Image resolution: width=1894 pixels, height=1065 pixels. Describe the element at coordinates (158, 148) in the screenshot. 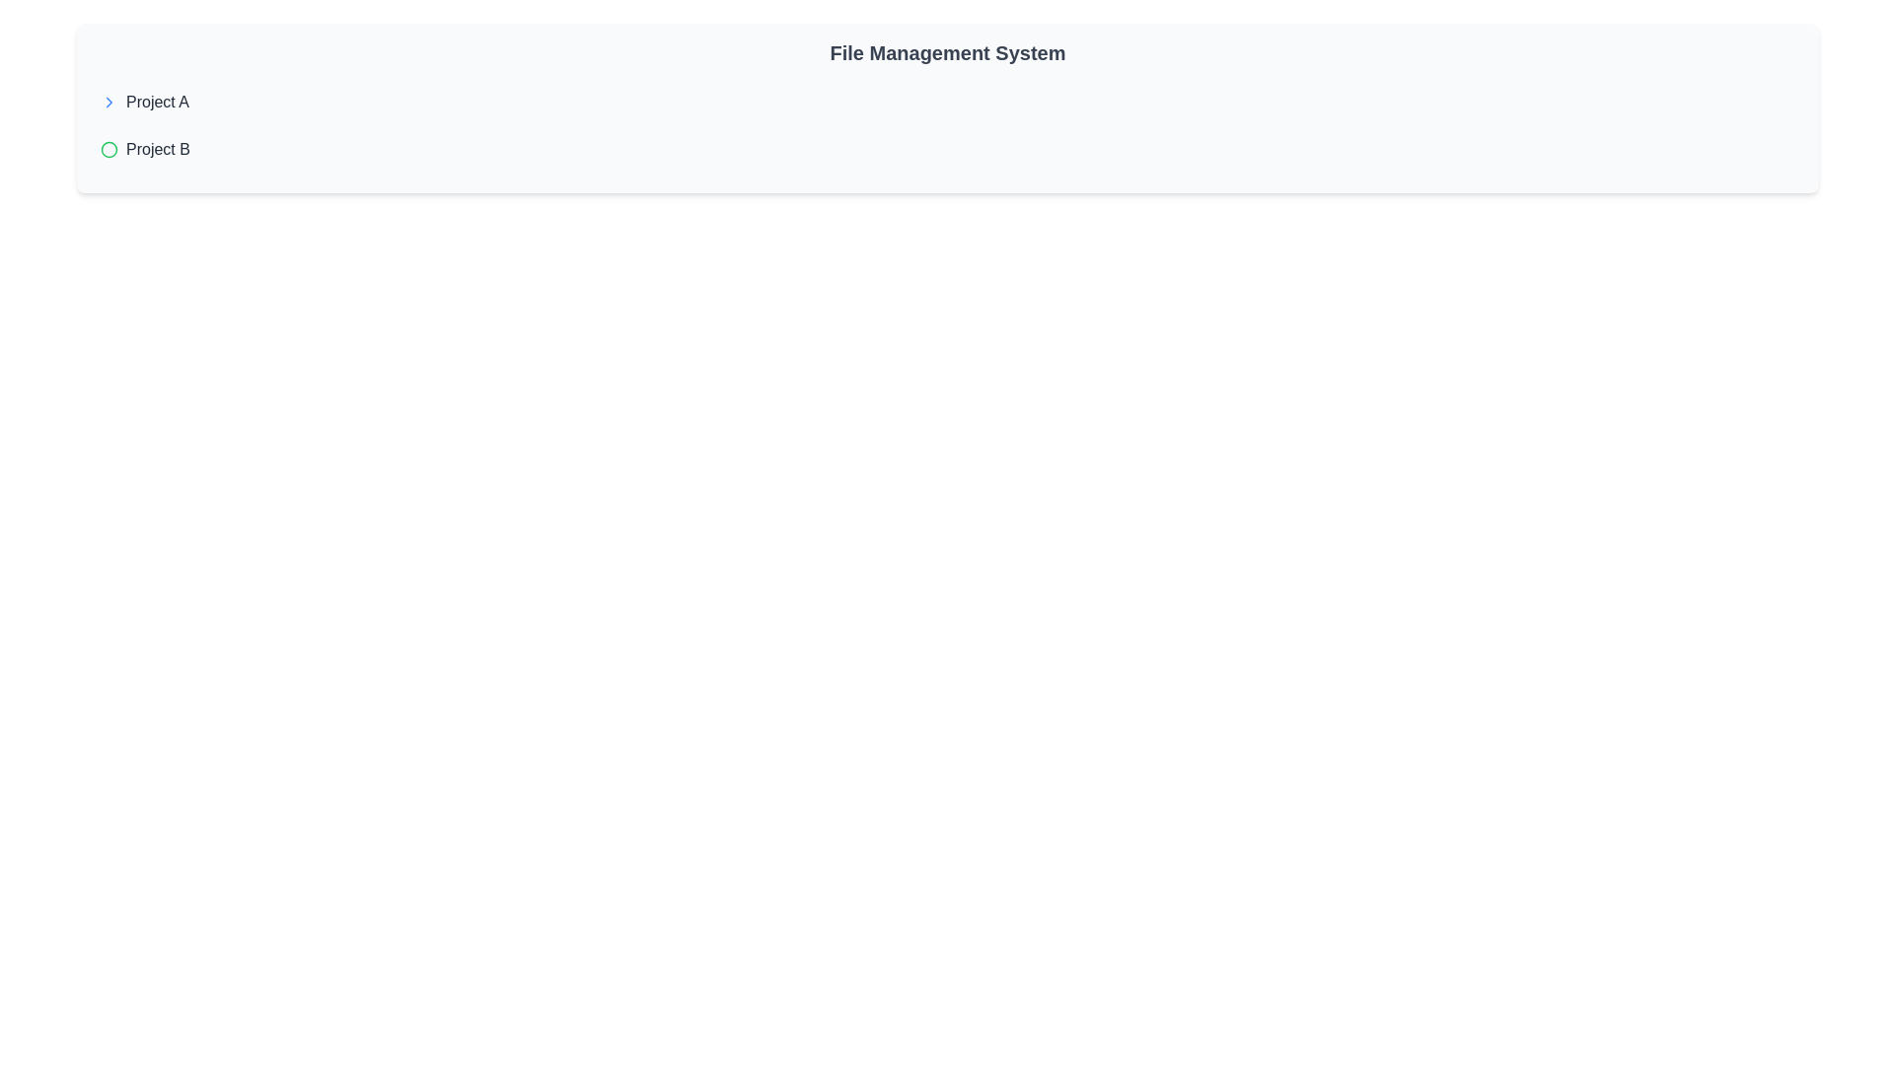

I see `the 'Project B' text label which serves as an identifier within the 'File Management System' interface` at that location.